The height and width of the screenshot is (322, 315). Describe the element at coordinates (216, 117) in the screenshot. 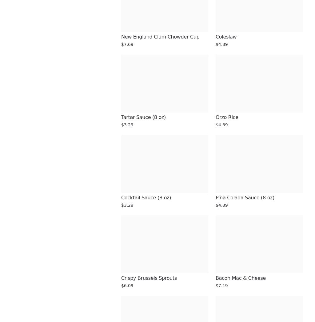

I see `'Orzo Rice'` at that location.